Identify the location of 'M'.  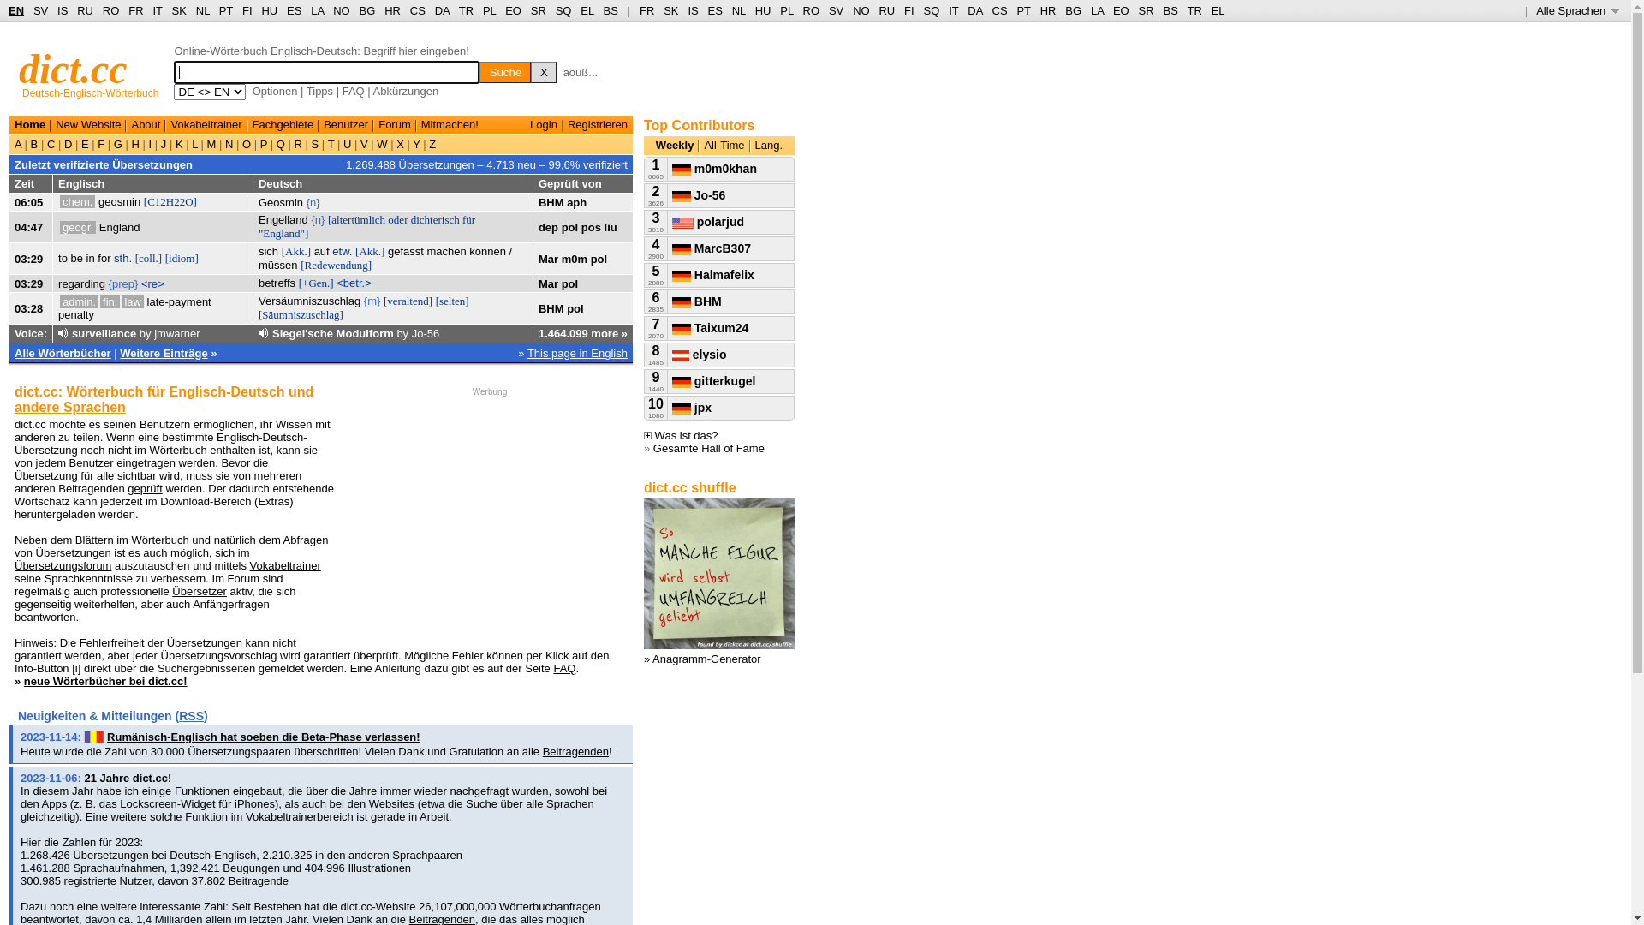
(210, 143).